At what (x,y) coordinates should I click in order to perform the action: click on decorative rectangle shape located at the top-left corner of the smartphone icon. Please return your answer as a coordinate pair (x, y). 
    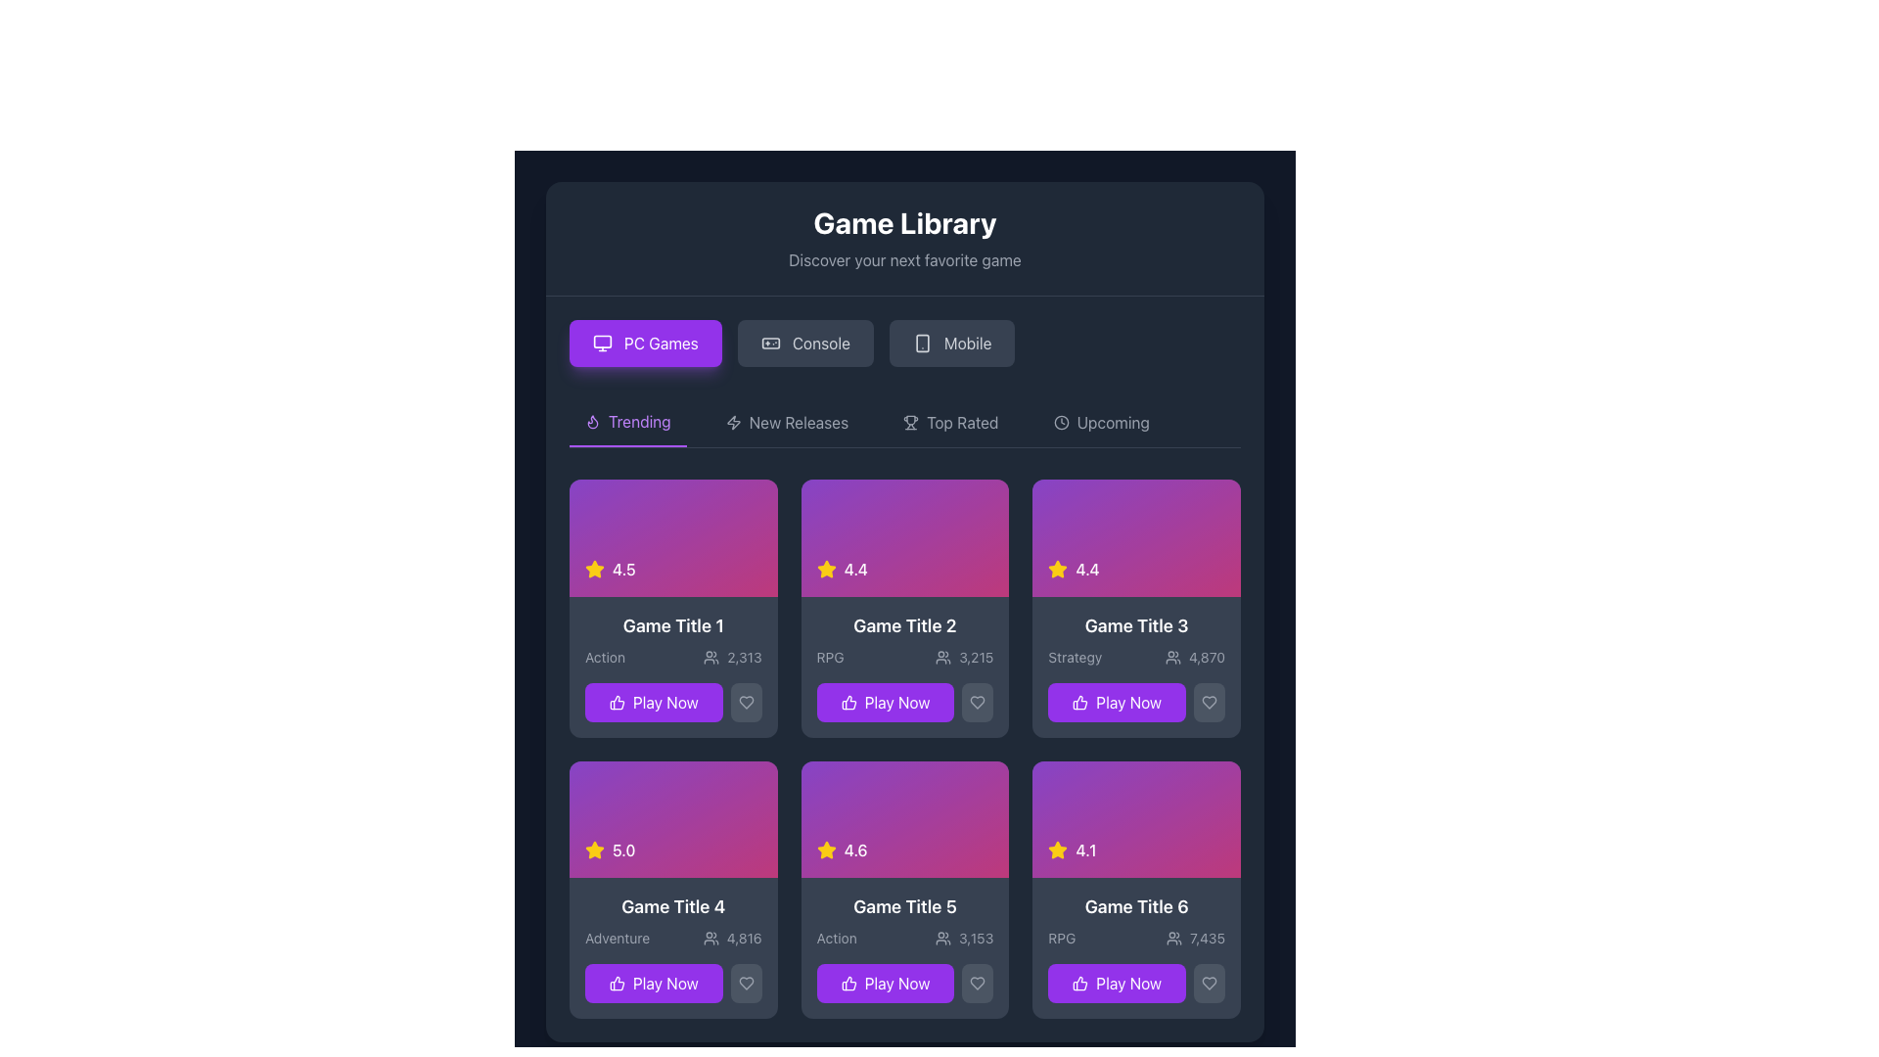
    Looking at the image, I should click on (921, 343).